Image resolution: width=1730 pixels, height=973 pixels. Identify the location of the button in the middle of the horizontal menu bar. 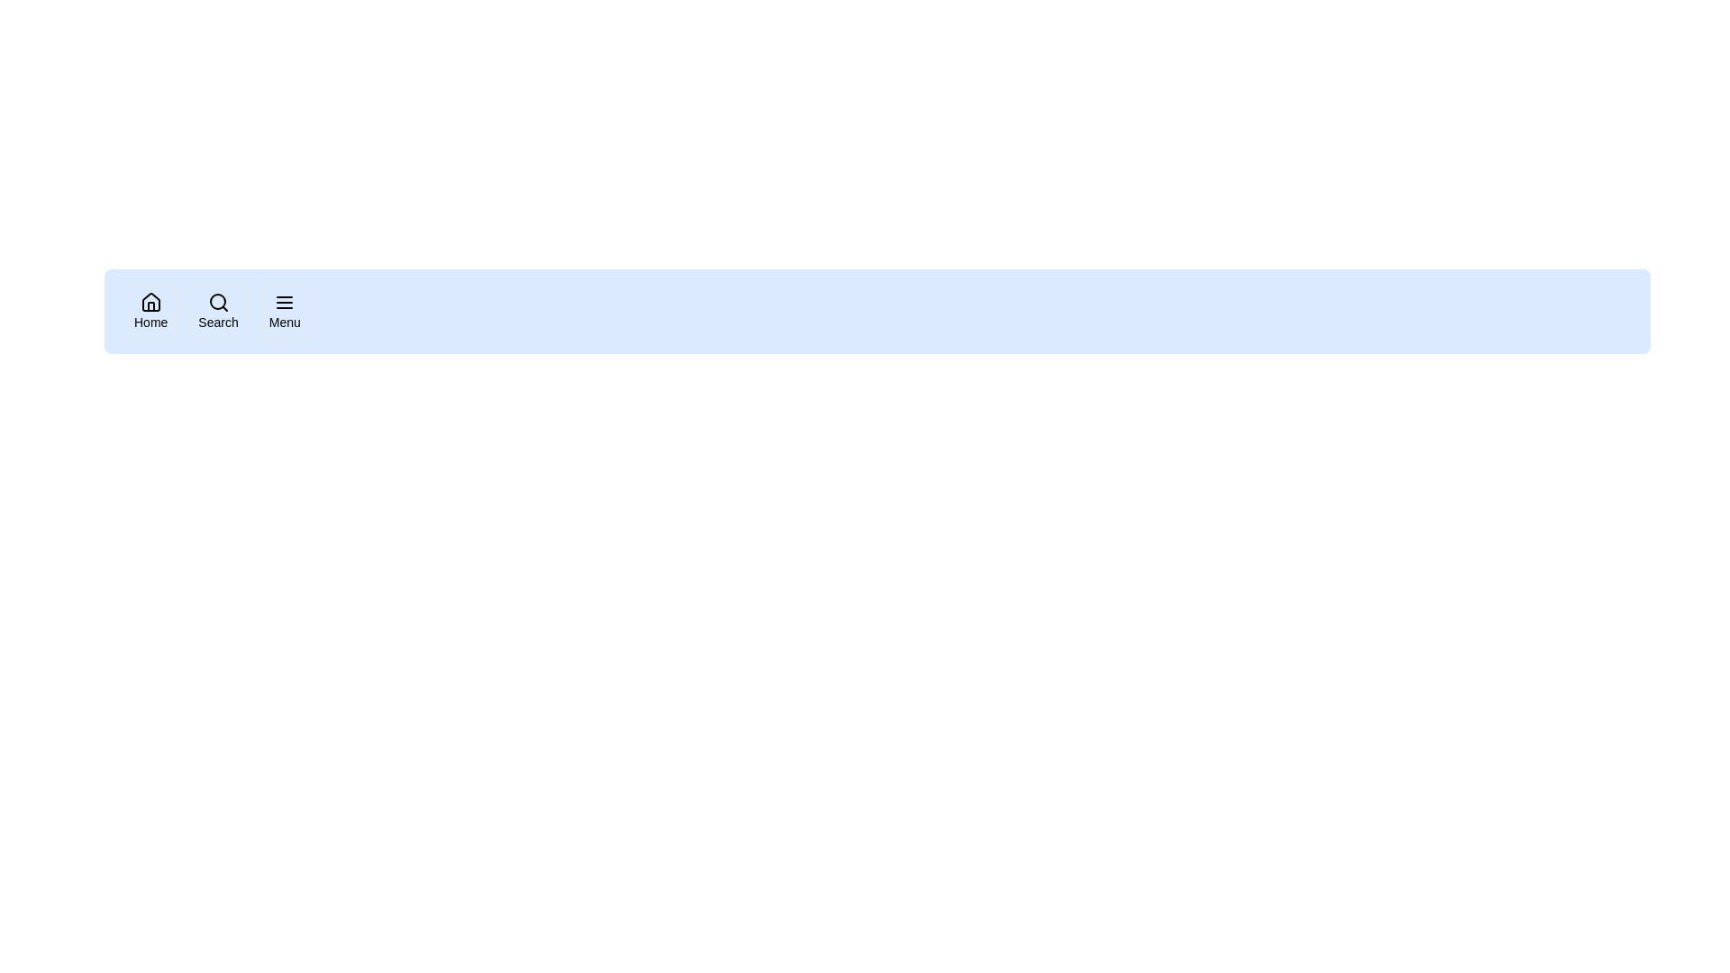
(217, 311).